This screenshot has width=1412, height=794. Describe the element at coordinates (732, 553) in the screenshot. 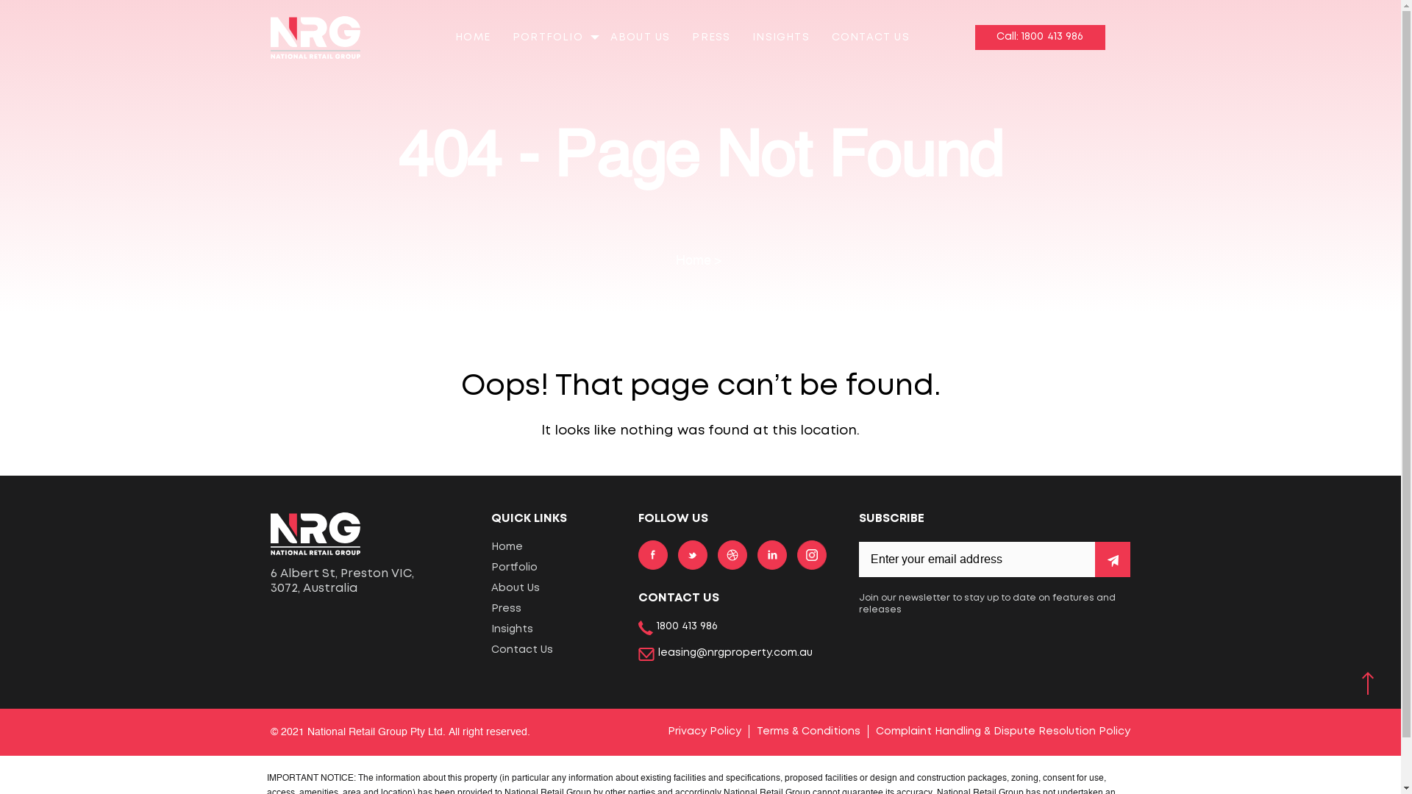

I see `'Pinterest'` at that location.